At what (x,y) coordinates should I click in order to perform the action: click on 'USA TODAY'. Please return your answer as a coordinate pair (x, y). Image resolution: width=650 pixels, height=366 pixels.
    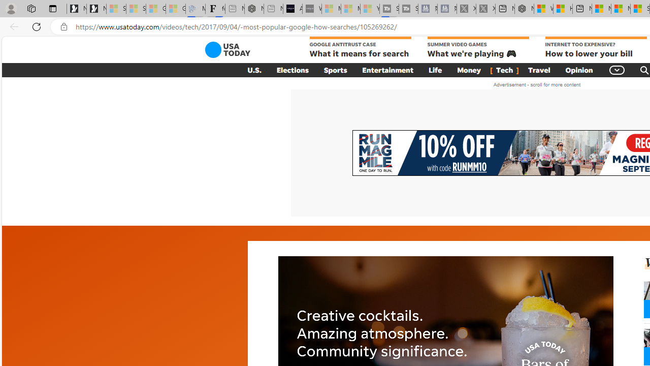
    Looking at the image, I should click on (227, 49).